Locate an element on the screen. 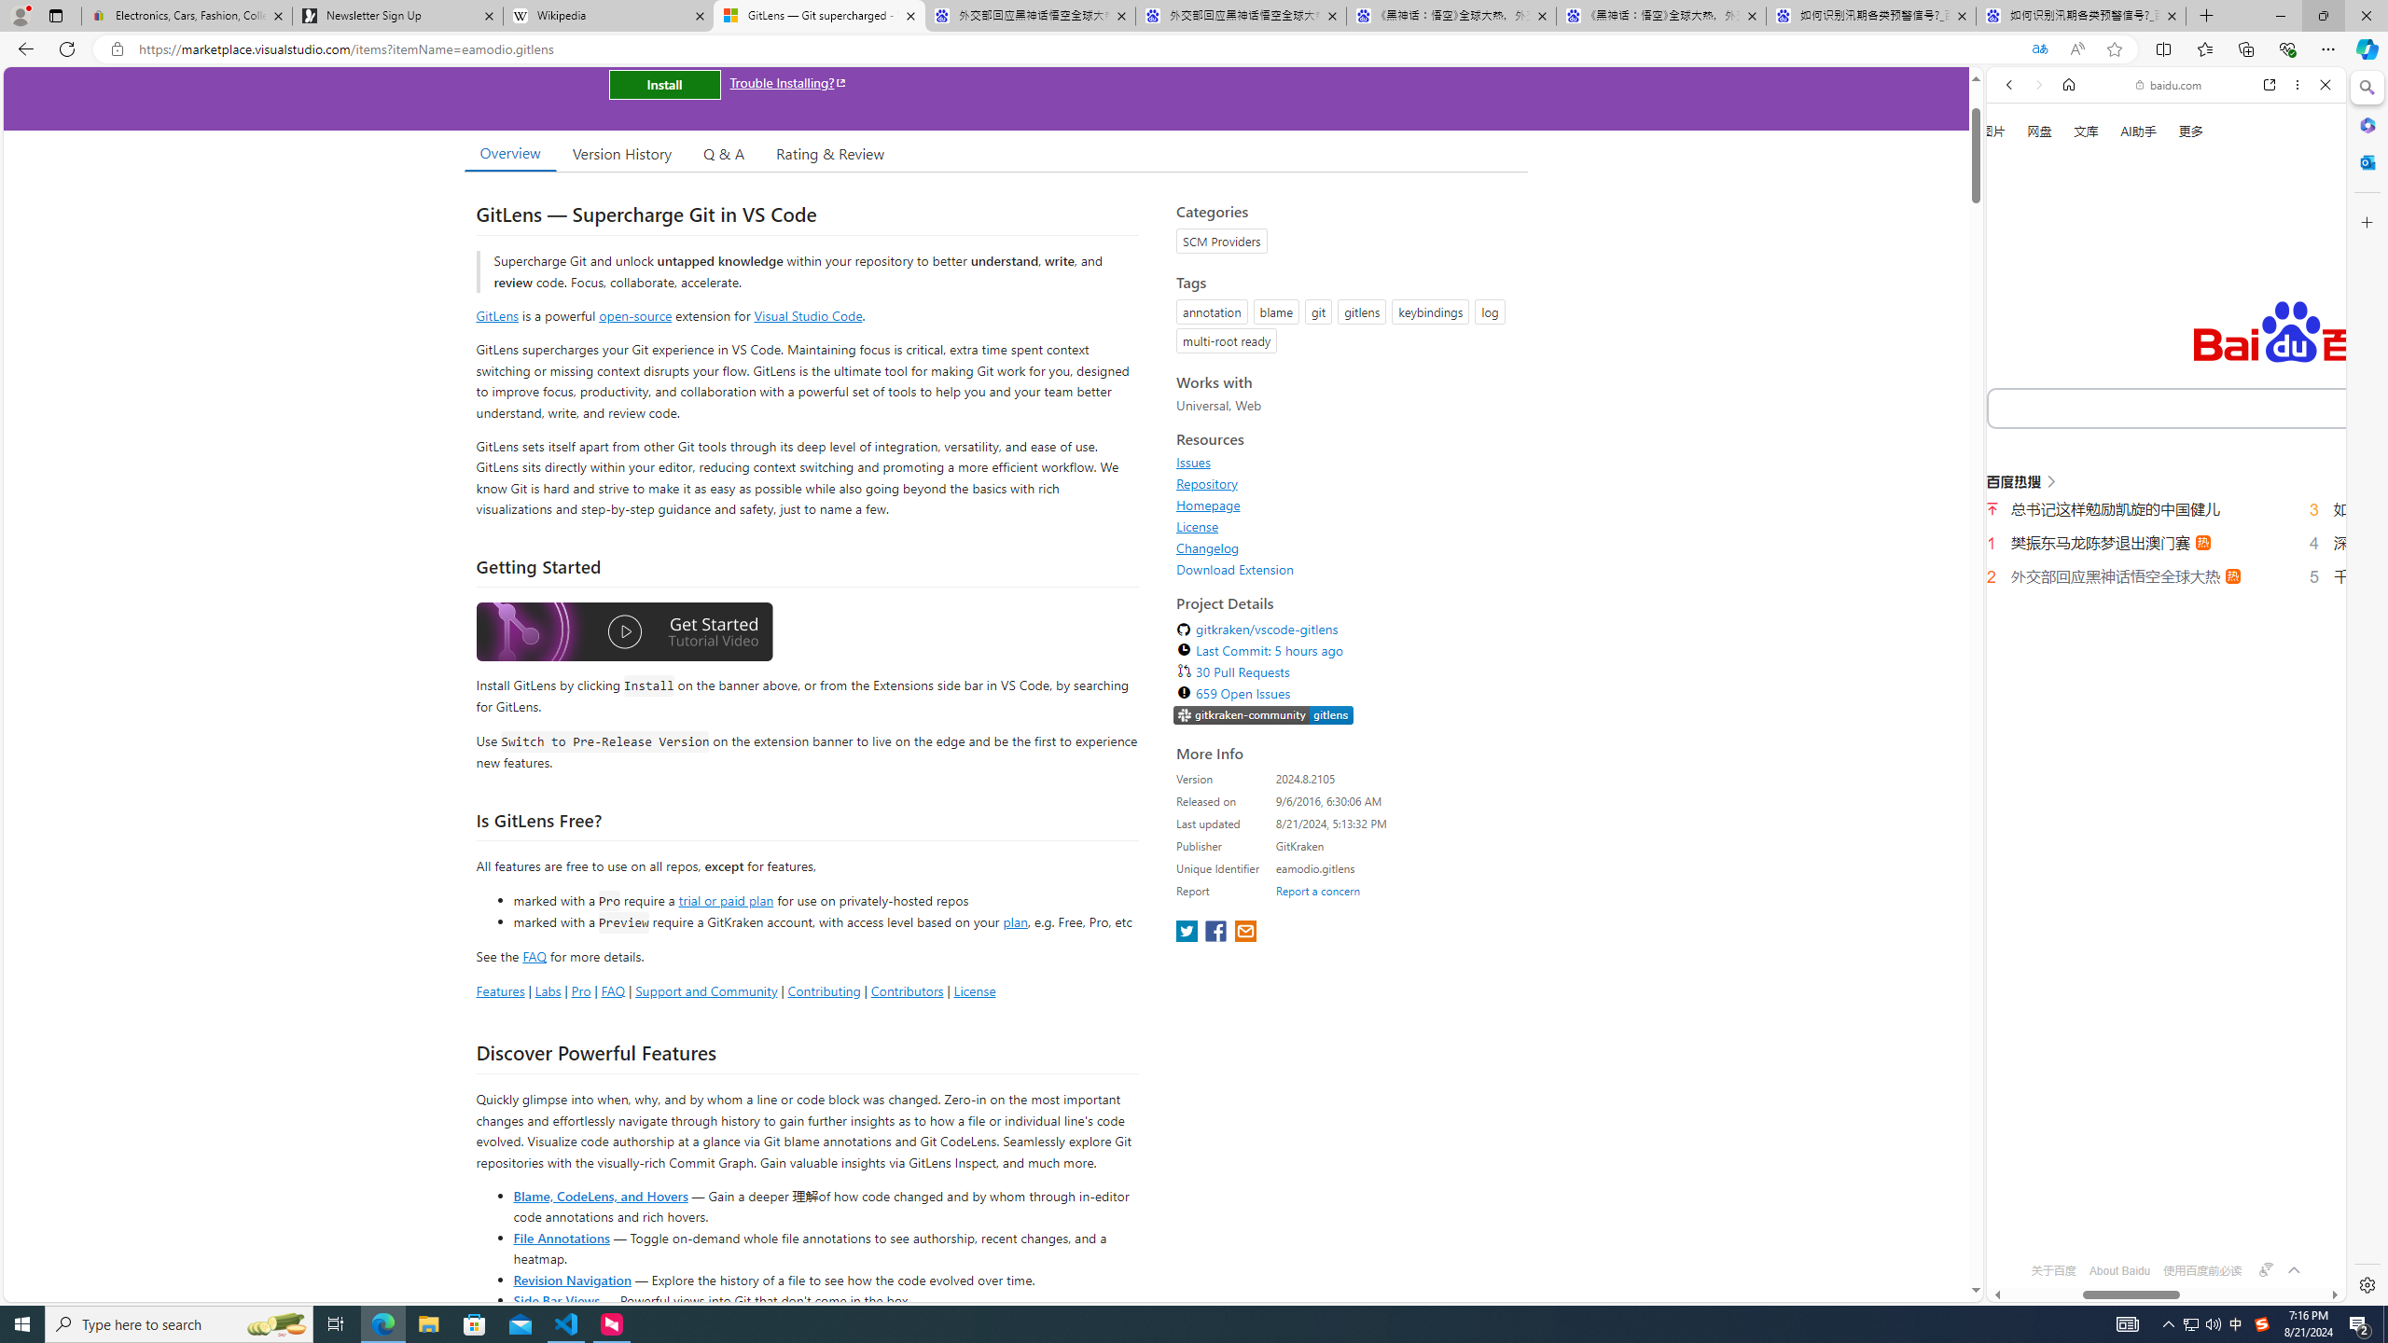  'About Baidu' is located at coordinates (2119, 1270).